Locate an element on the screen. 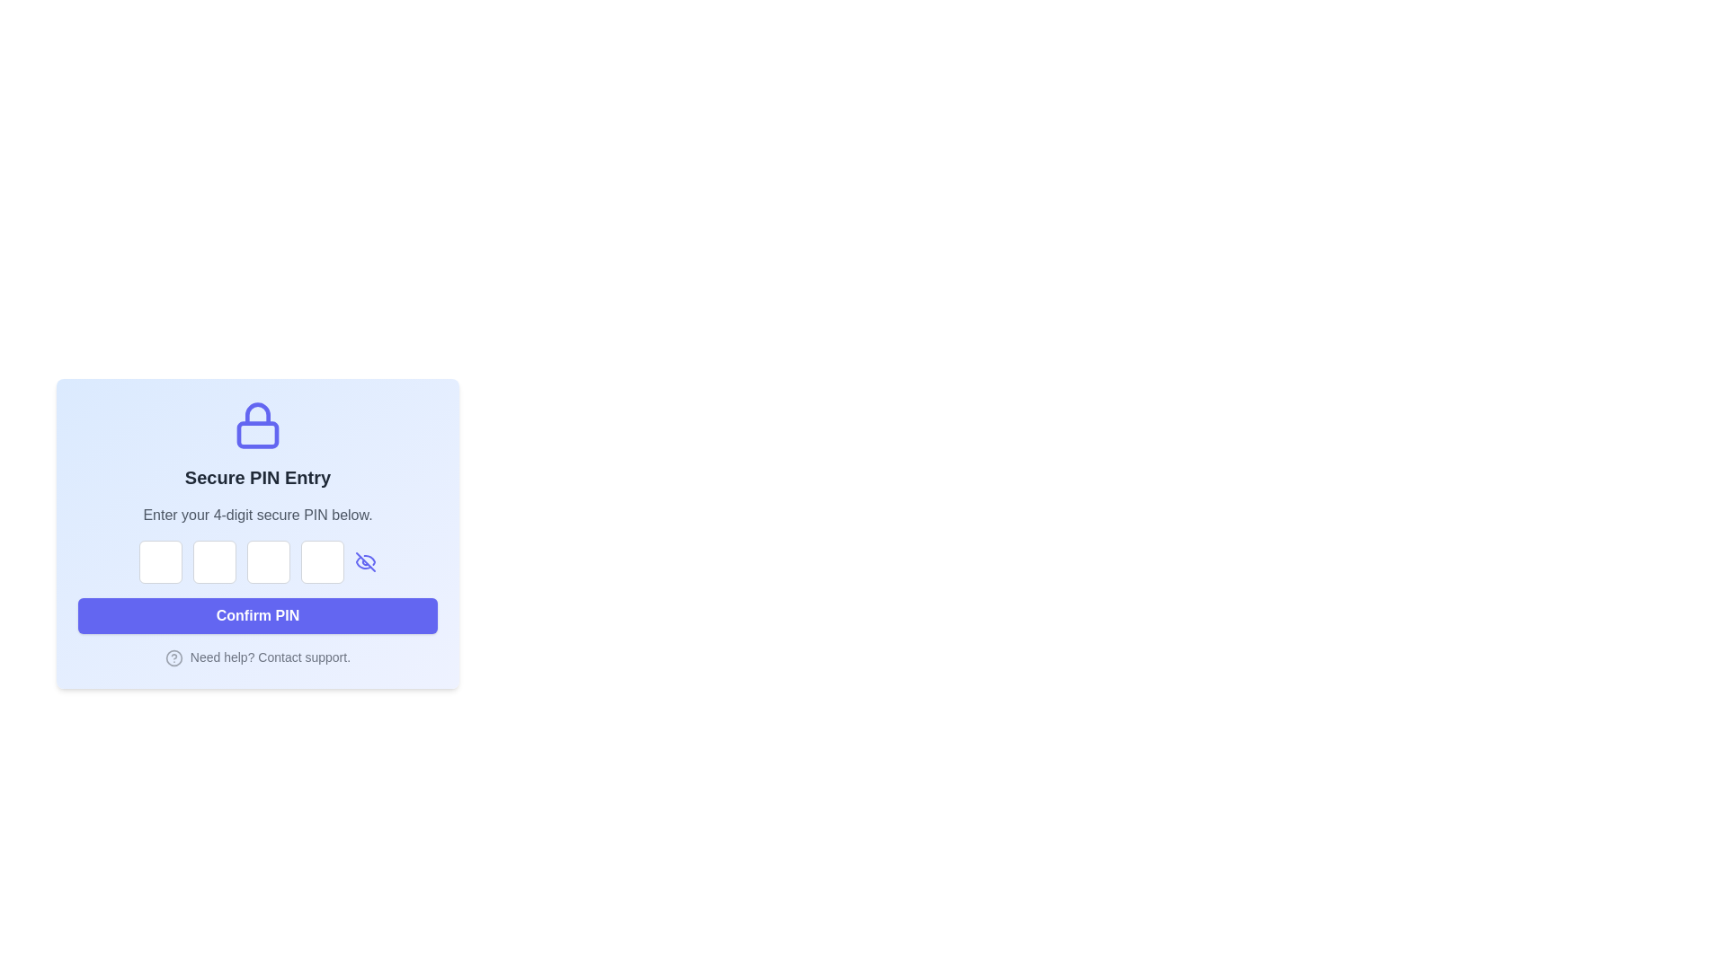 Image resolution: width=1726 pixels, height=970 pixels. the blue SVG lock icon located near the top of the secure PIN entry dialog, just above the 'Secure PIN Entry' text is located at coordinates (257, 426).